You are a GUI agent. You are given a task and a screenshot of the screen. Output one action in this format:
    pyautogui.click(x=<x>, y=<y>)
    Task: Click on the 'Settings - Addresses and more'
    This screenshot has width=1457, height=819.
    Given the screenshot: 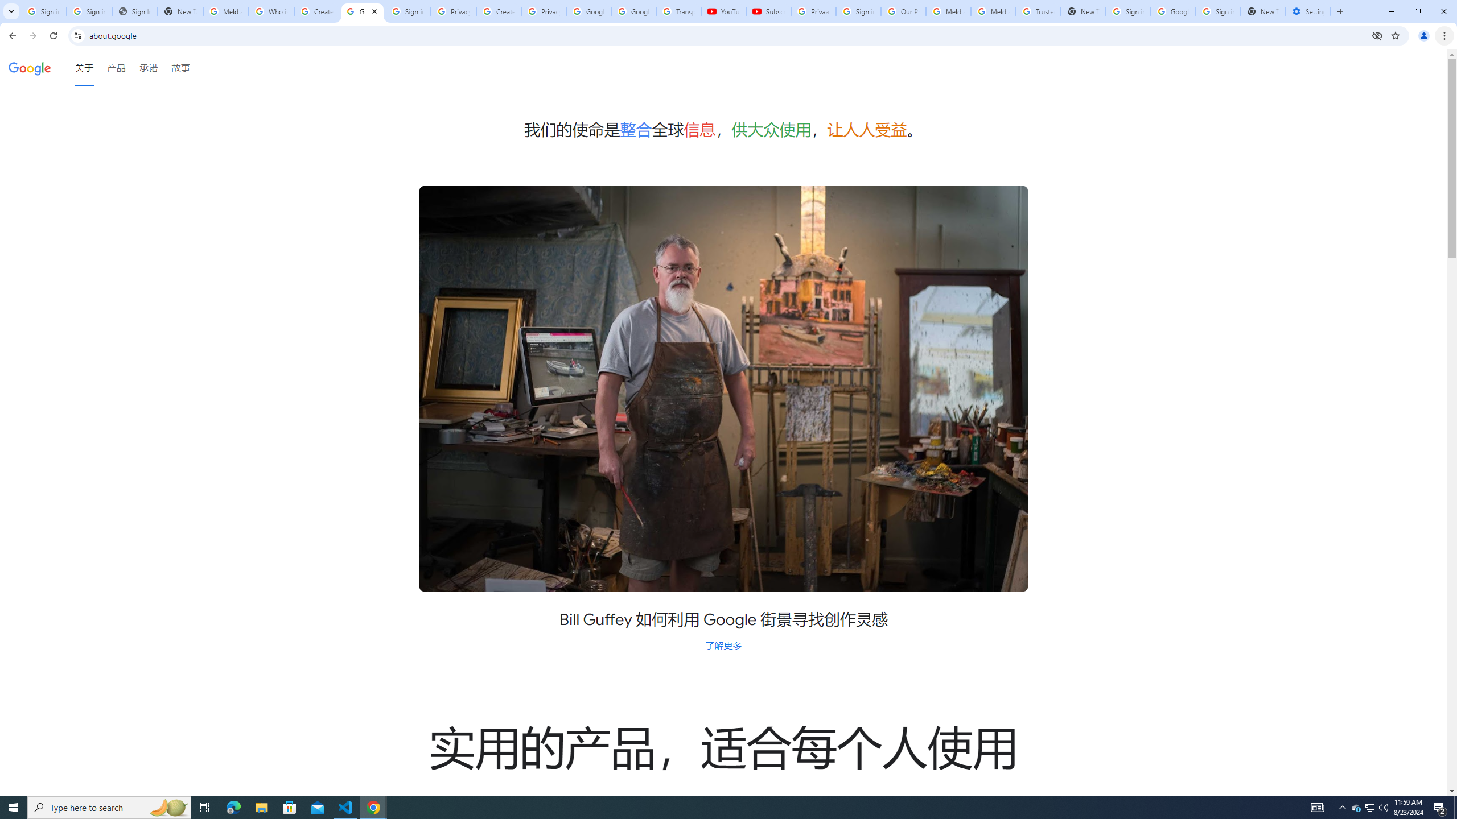 What is the action you would take?
    pyautogui.click(x=1308, y=11)
    